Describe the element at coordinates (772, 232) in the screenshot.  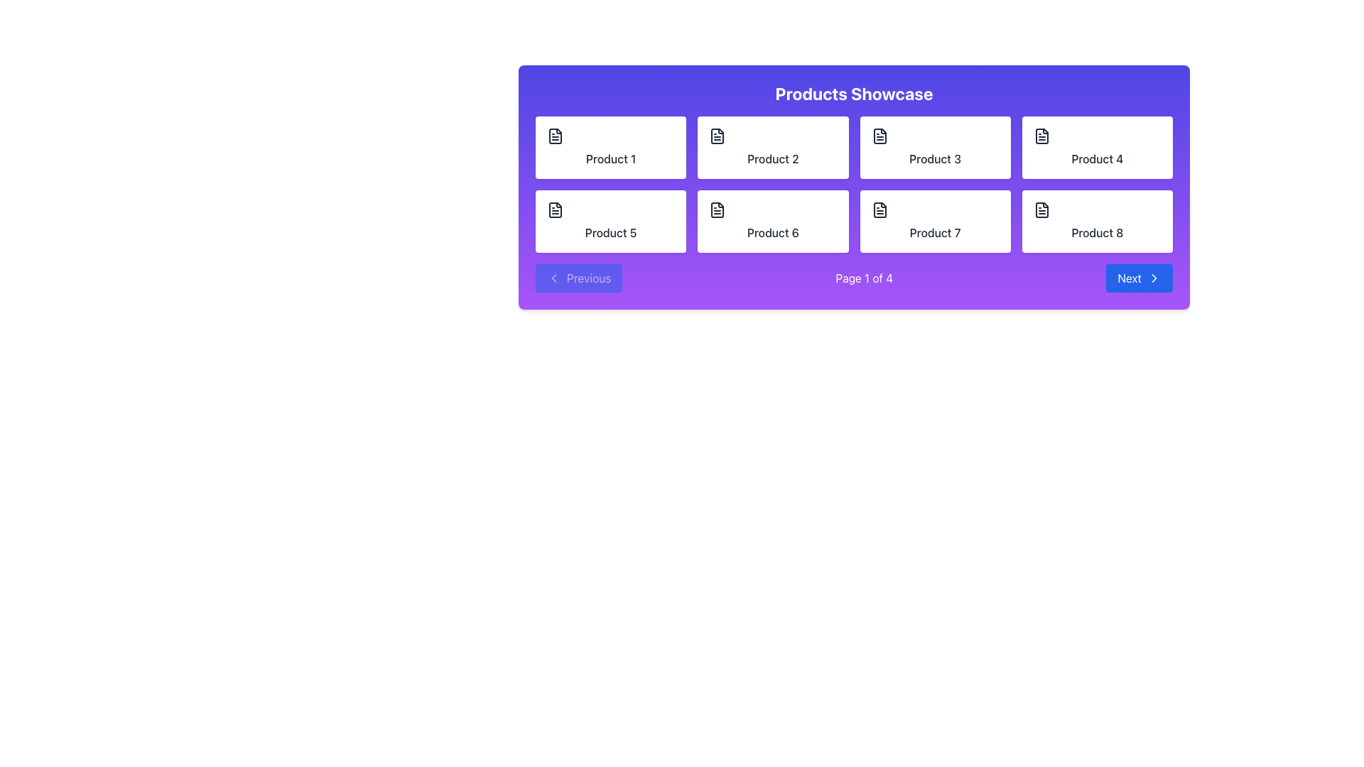
I see `the text label displaying 'Product 6' which is located at the bottom of the card component in the second row and first column of the grid under 'Products Showcase'` at that location.